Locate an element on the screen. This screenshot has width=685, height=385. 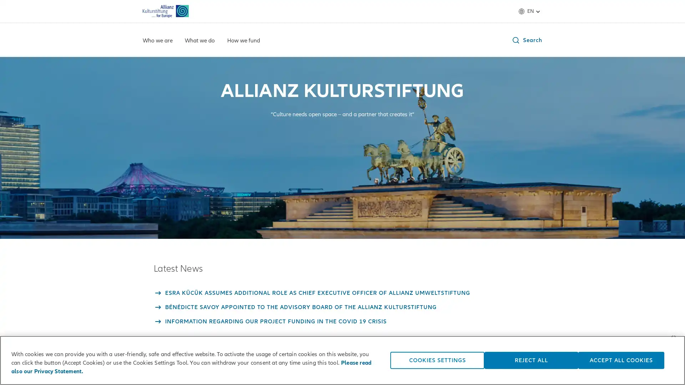
Close is located at coordinates (673, 334).